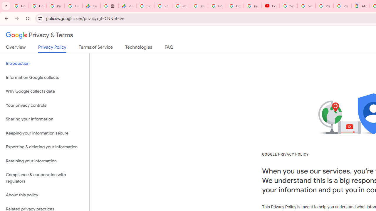  Describe the element at coordinates (91, 6) in the screenshot. I see `'Currencies - Google Finance'` at that location.